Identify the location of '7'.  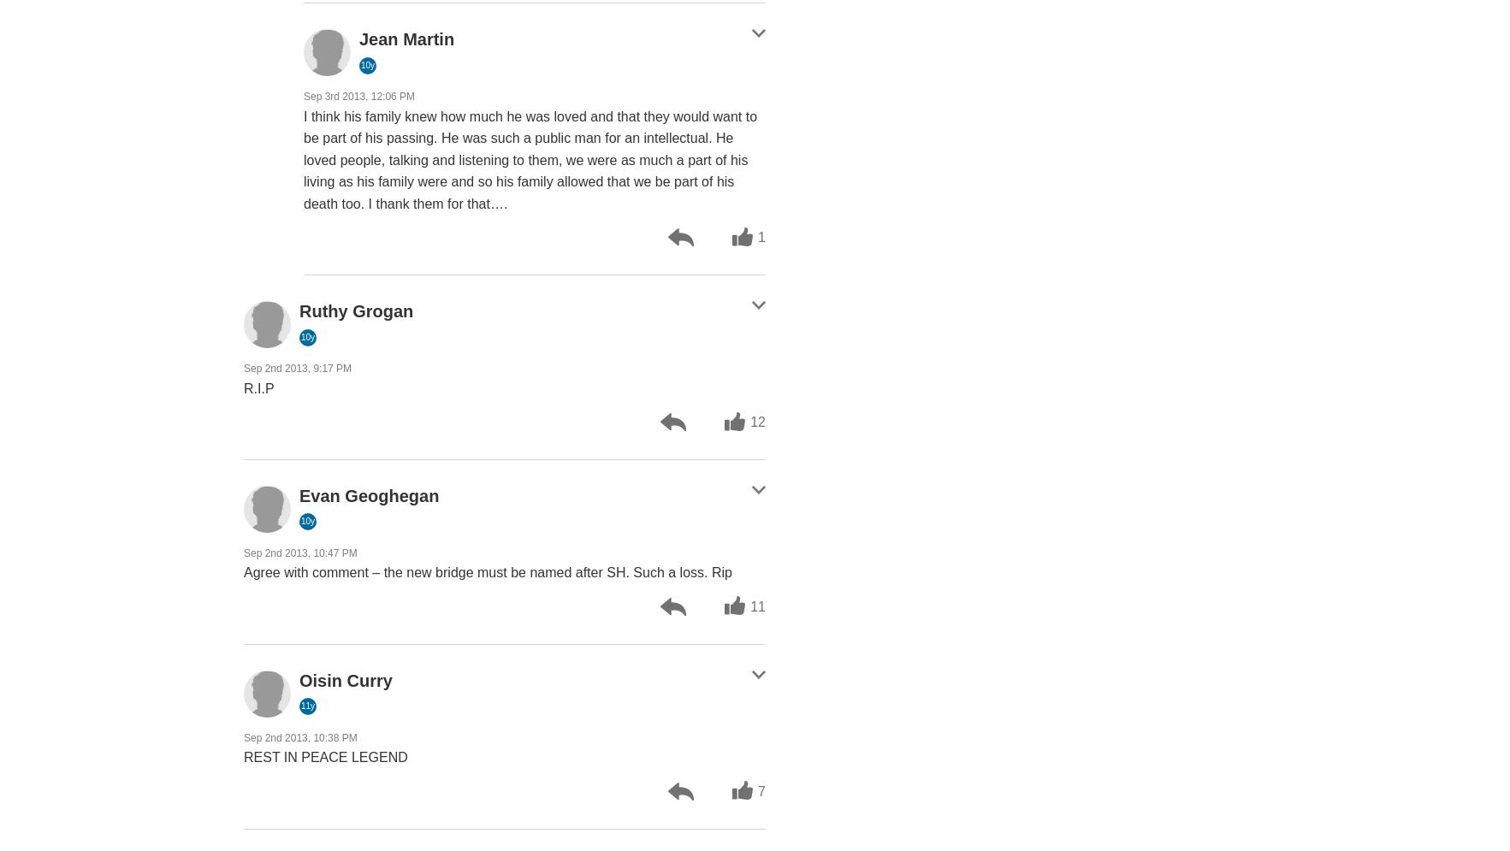
(761, 790).